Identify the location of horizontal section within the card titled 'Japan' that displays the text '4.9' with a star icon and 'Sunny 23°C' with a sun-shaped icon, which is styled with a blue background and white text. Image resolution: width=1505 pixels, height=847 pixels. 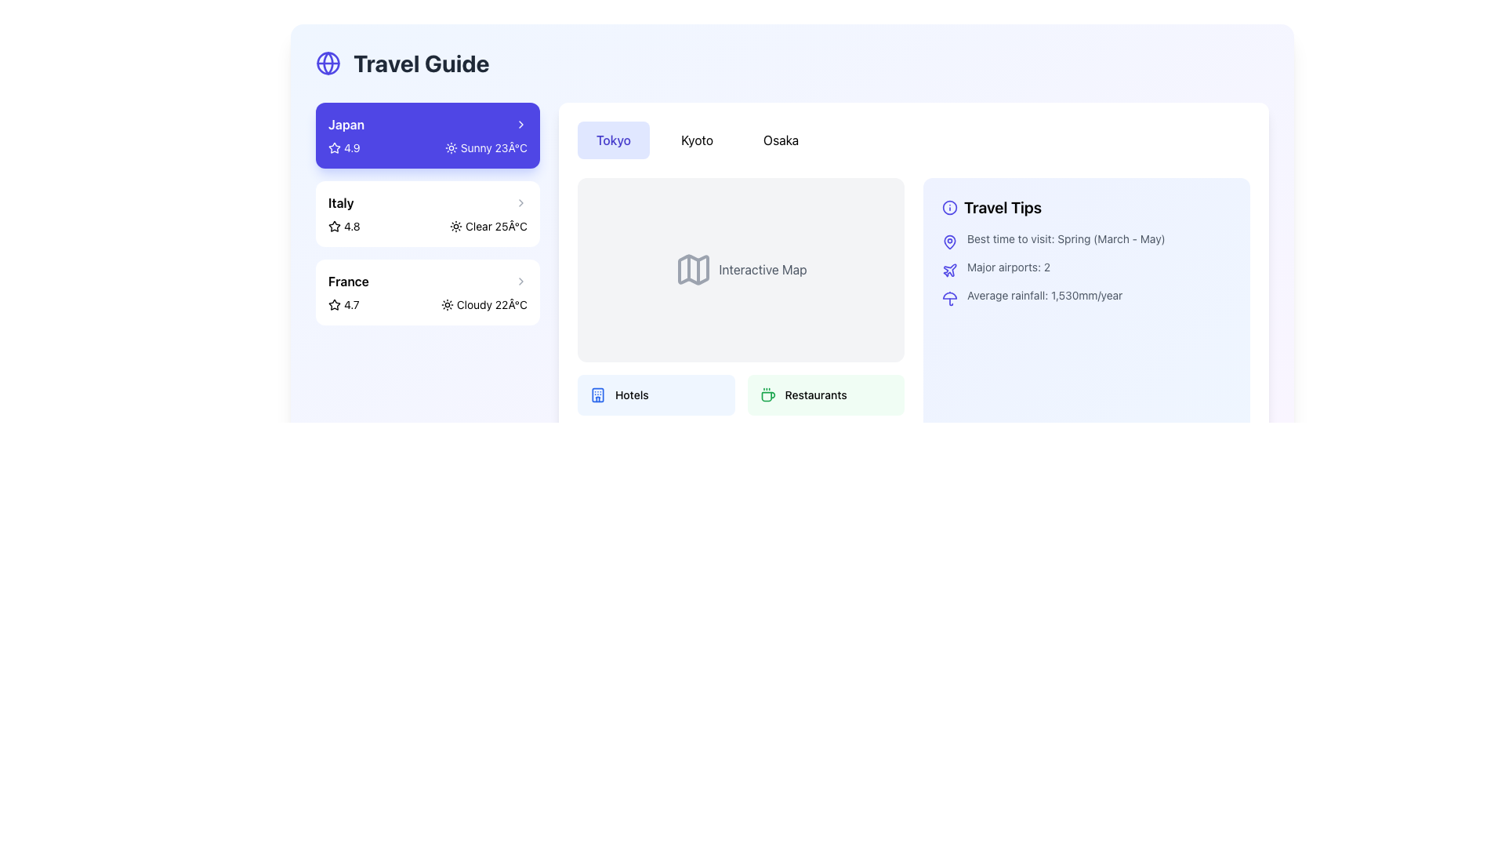
(428, 148).